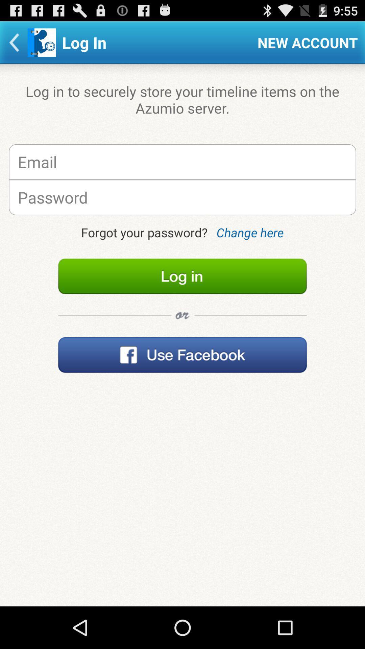  Describe the element at coordinates (308, 42) in the screenshot. I see `new account` at that location.